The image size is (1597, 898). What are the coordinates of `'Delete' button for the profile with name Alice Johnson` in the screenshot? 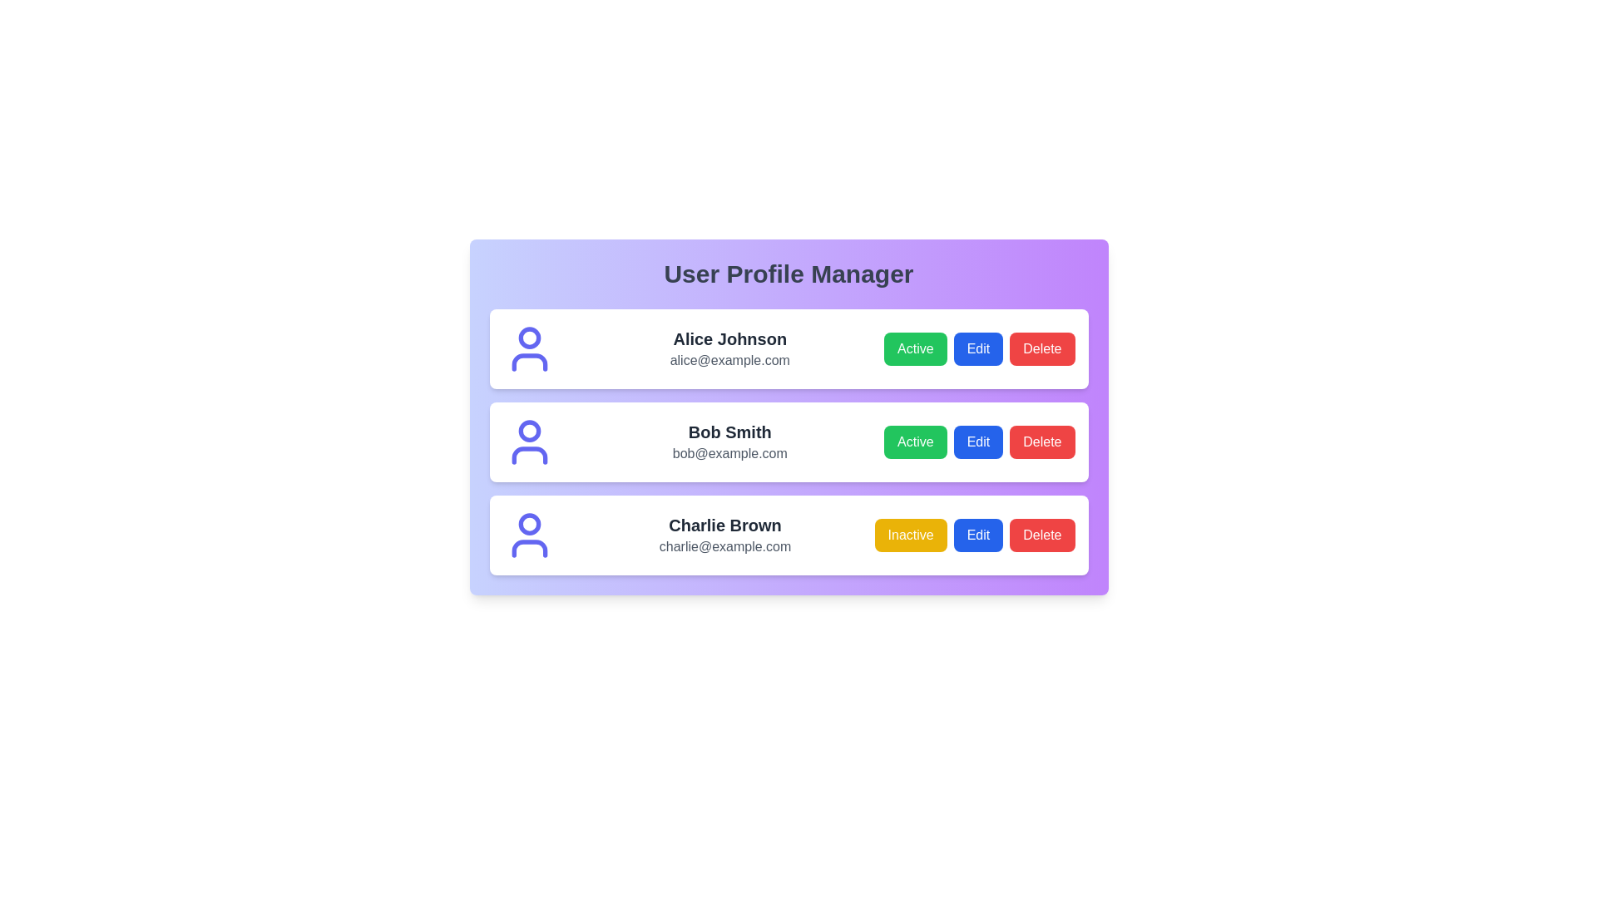 It's located at (1041, 348).